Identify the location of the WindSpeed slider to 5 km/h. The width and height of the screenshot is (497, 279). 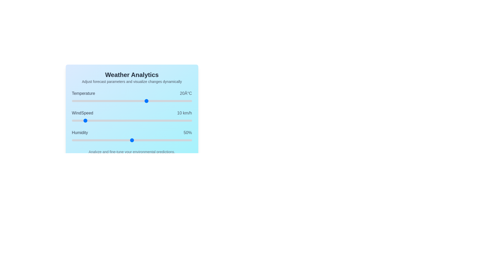
(77, 120).